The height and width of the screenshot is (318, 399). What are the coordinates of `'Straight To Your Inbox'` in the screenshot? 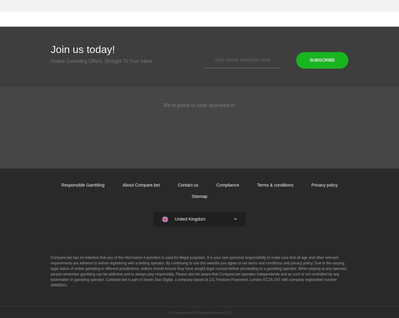 It's located at (128, 61).